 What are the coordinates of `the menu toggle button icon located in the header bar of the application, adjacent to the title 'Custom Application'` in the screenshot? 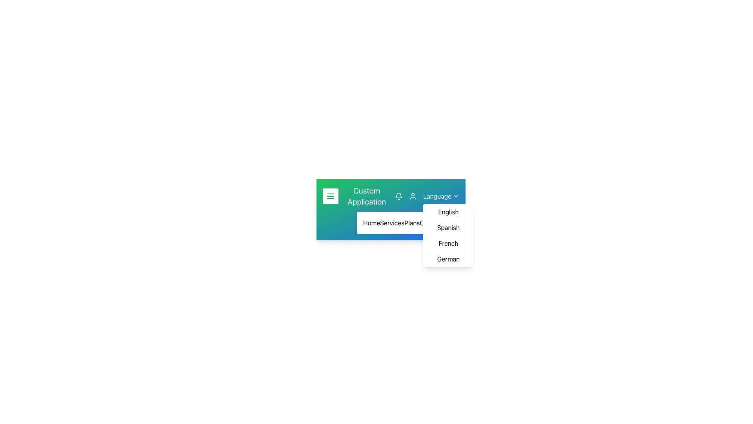 It's located at (331, 196).